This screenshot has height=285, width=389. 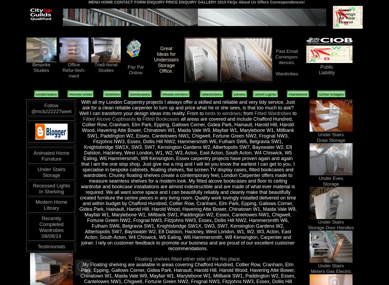 I want to click on 'Past Email', so click(x=287, y=51).